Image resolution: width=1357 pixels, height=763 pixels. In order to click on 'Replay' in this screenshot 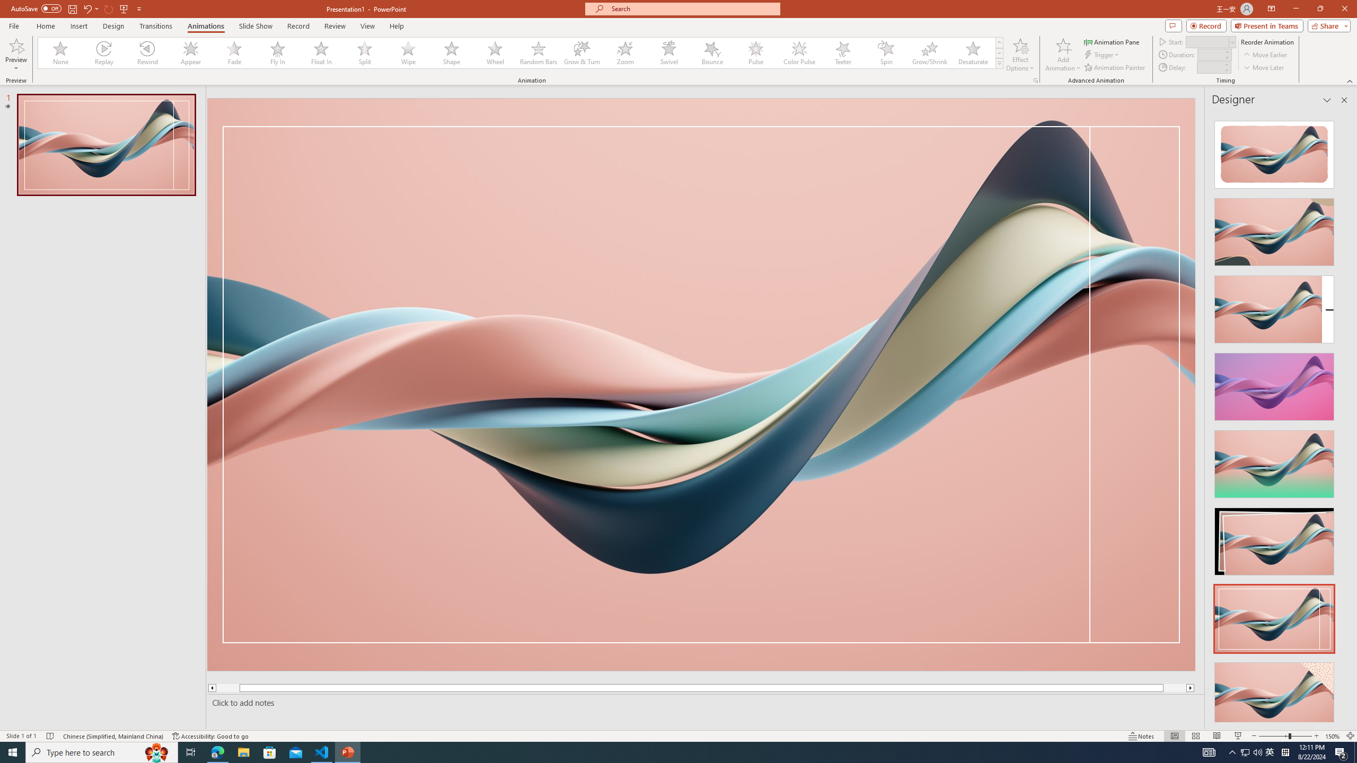, I will do `click(104, 52)`.